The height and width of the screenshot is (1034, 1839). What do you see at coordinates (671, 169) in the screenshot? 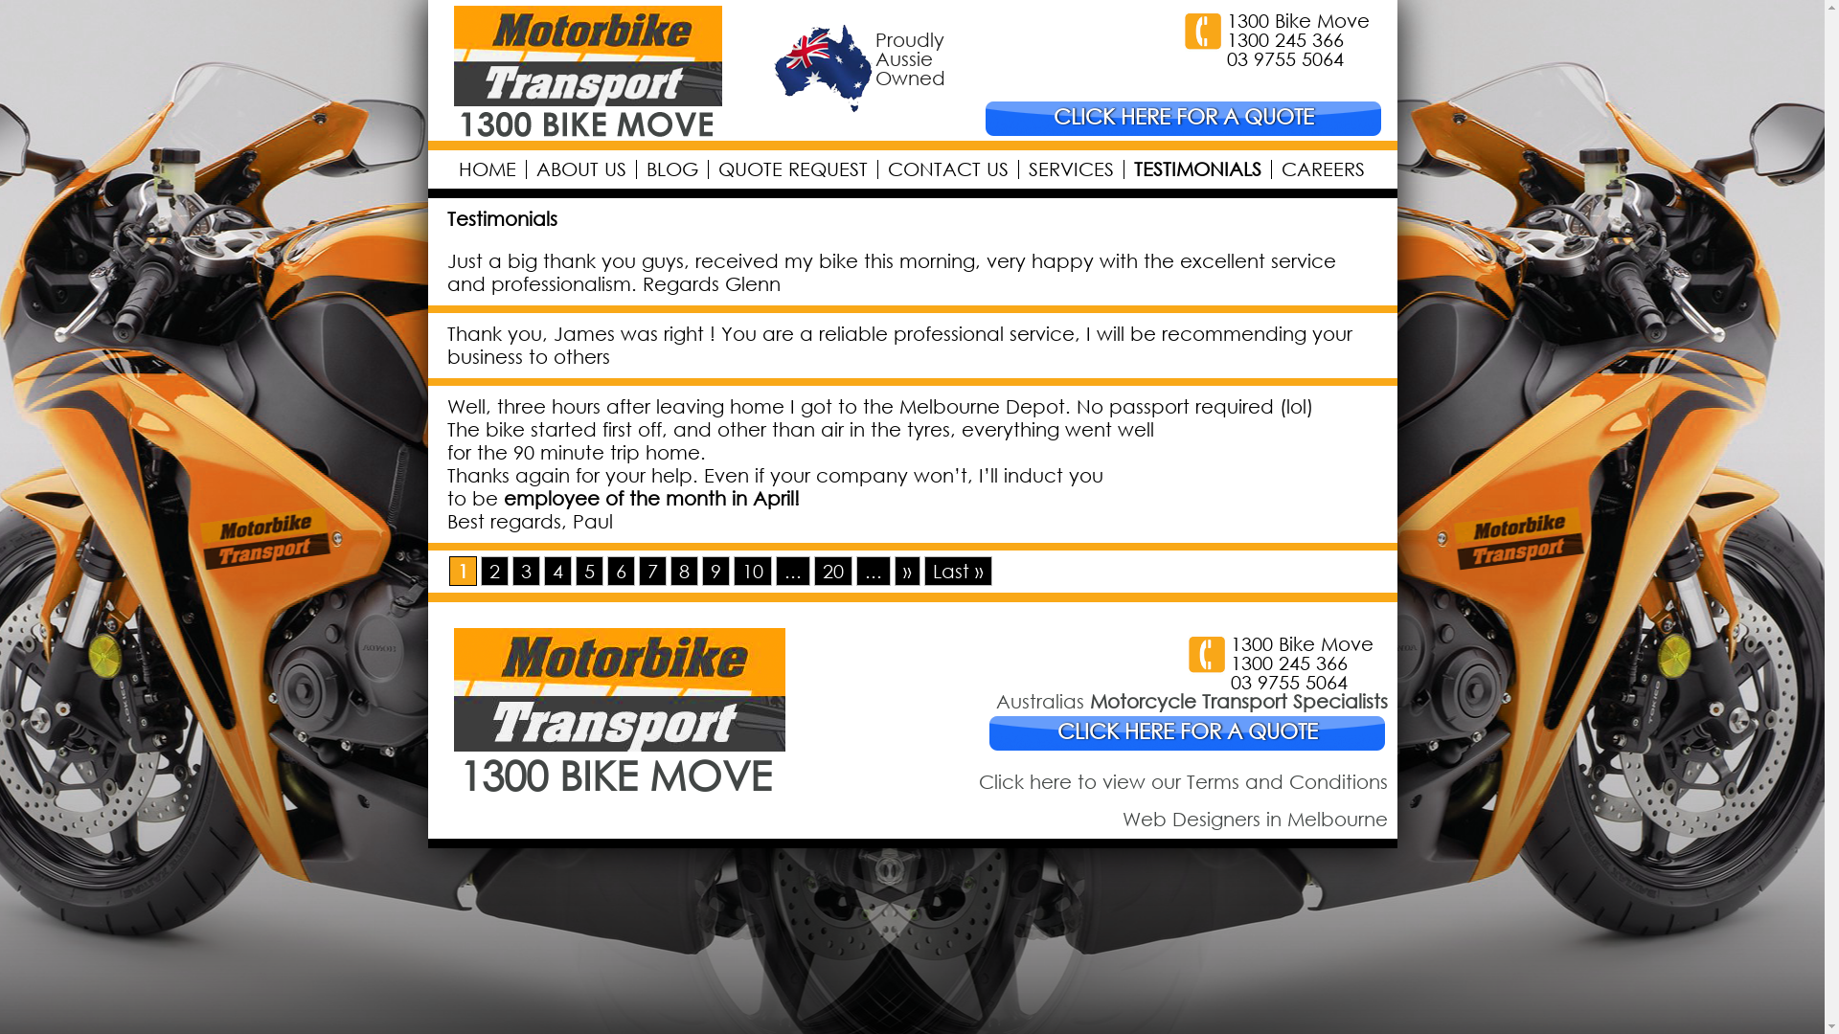
I see `'BLOG'` at bounding box center [671, 169].